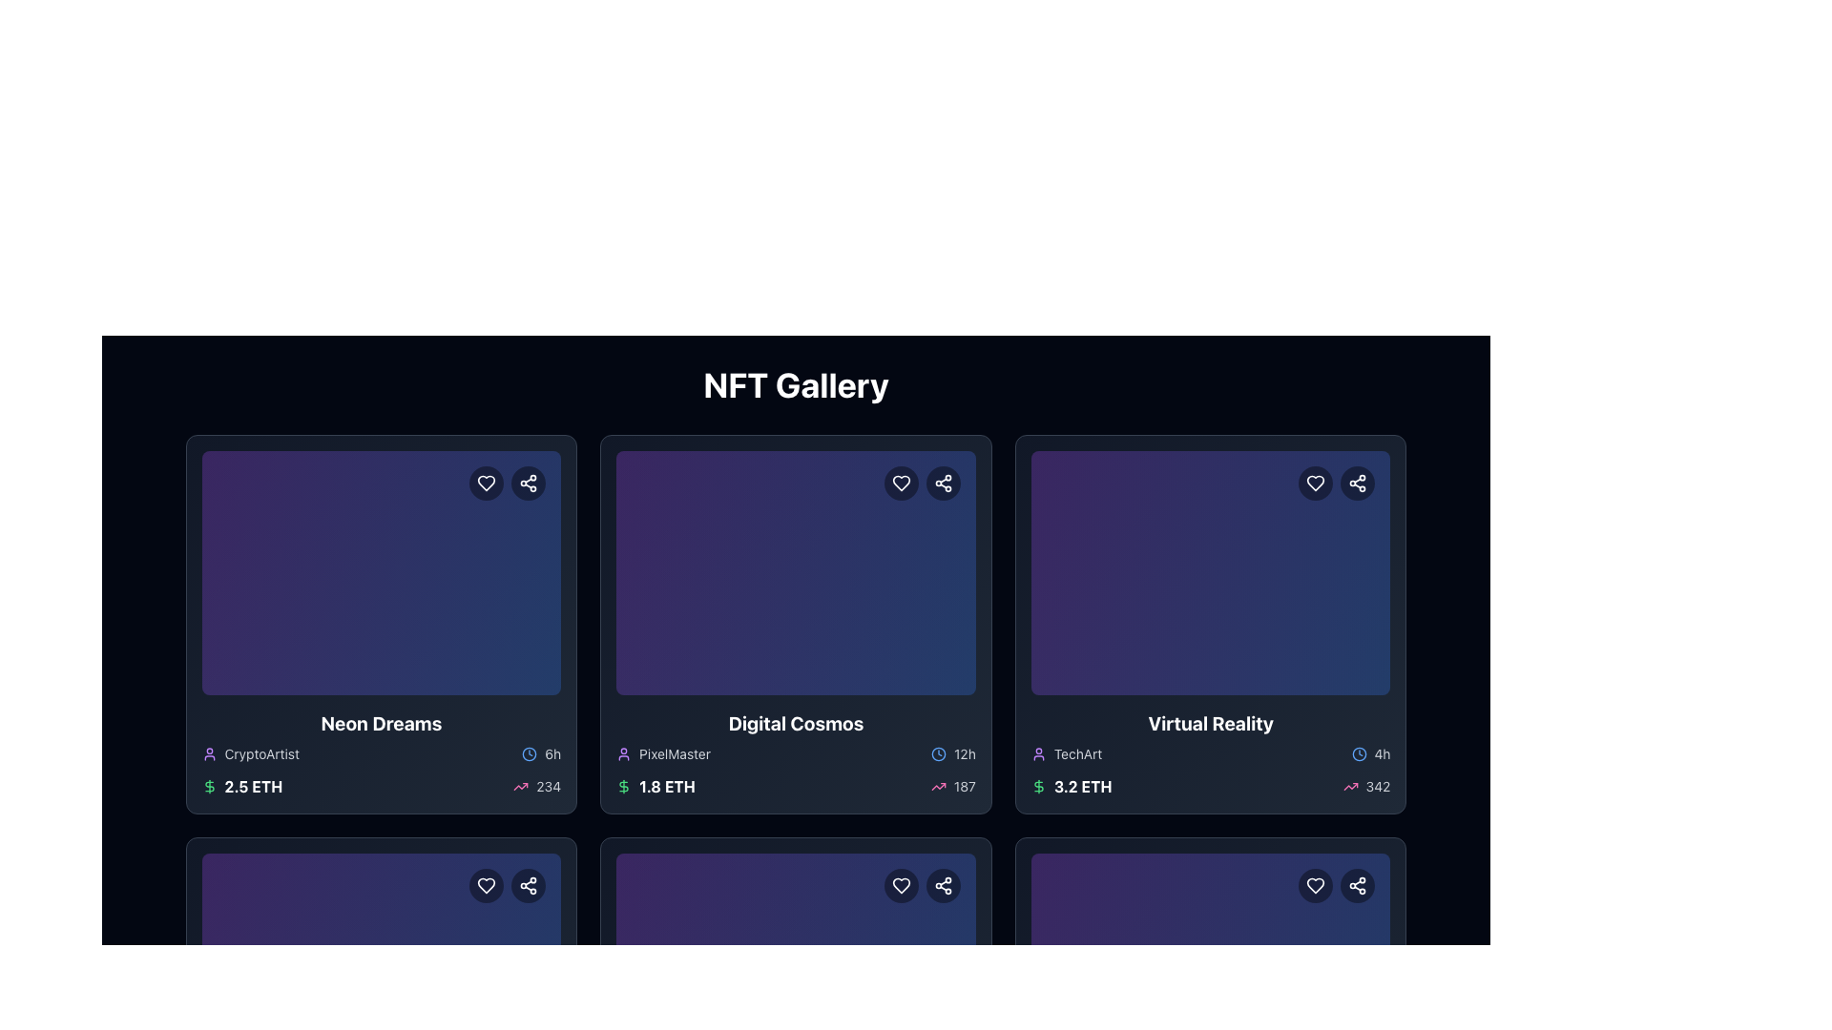  I want to click on the leftmost button in the top-right corner of the card, which functions as a 'like' button, so click(1315, 886).